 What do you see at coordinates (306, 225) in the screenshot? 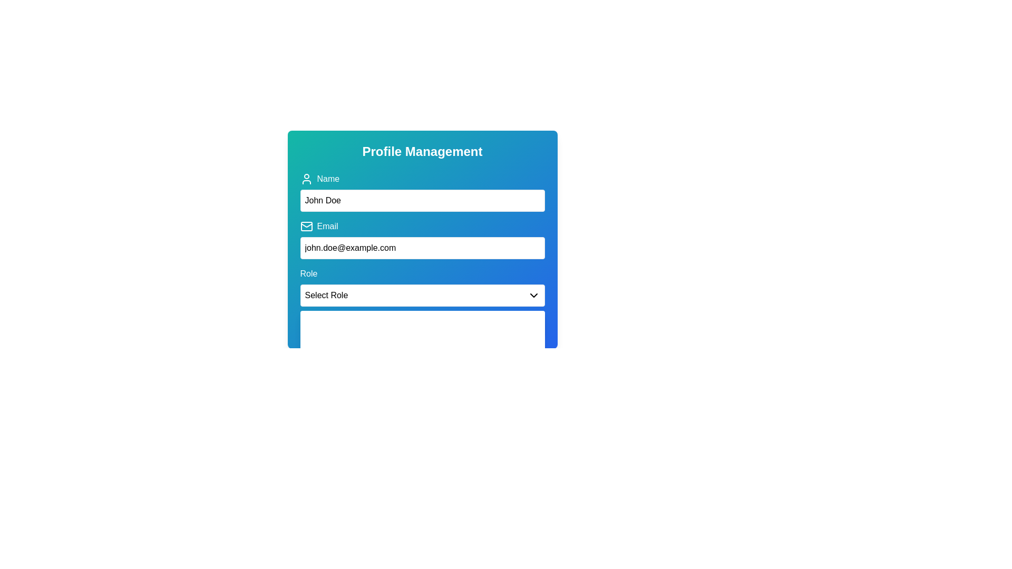
I see `the interior curved line at the top of the envelope icon located to the left of the 'Email' label in the 'Profile Management' form` at bounding box center [306, 225].